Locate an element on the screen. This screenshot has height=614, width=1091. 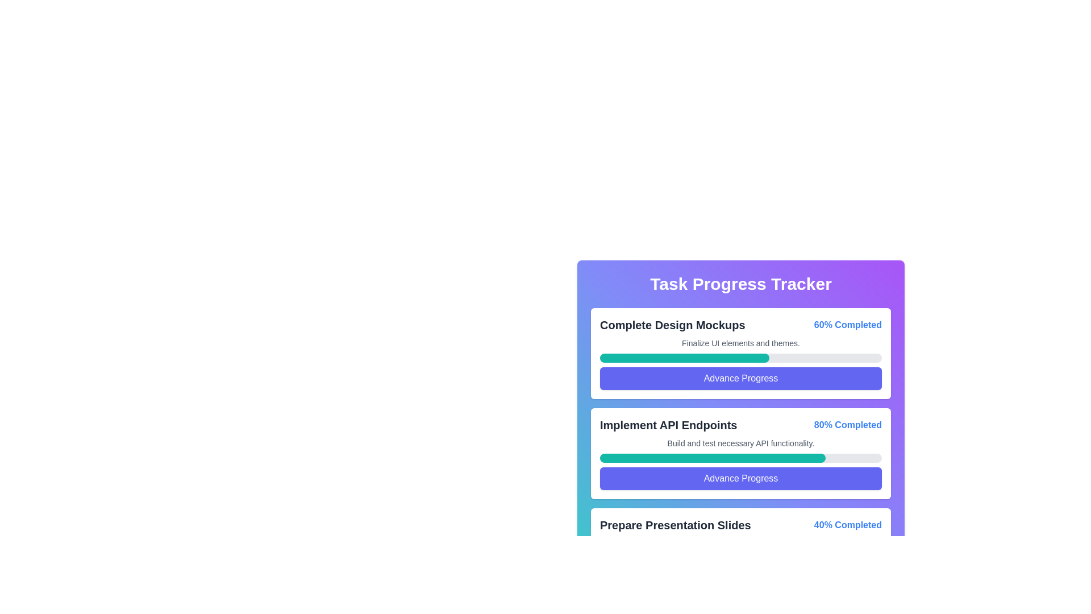
the Progress Bar that represents the completion of the 'Implement API Endpoints' task, which shows 80% completion and is located below the descriptive text and above the 'Advance Progress' button is located at coordinates (741, 458).